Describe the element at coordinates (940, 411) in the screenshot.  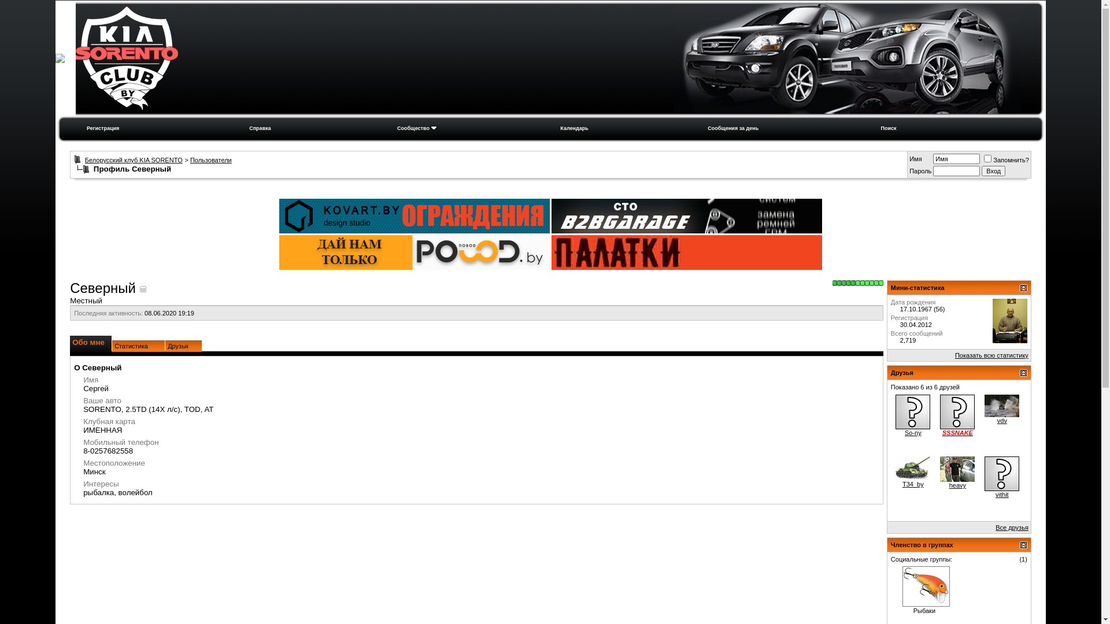
I see `'SSSNAKE'` at that location.